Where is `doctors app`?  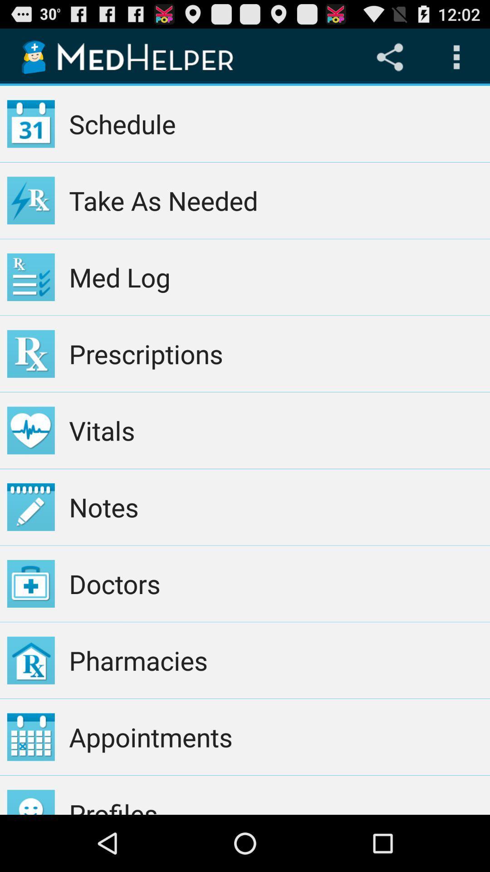 doctors app is located at coordinates (275, 584).